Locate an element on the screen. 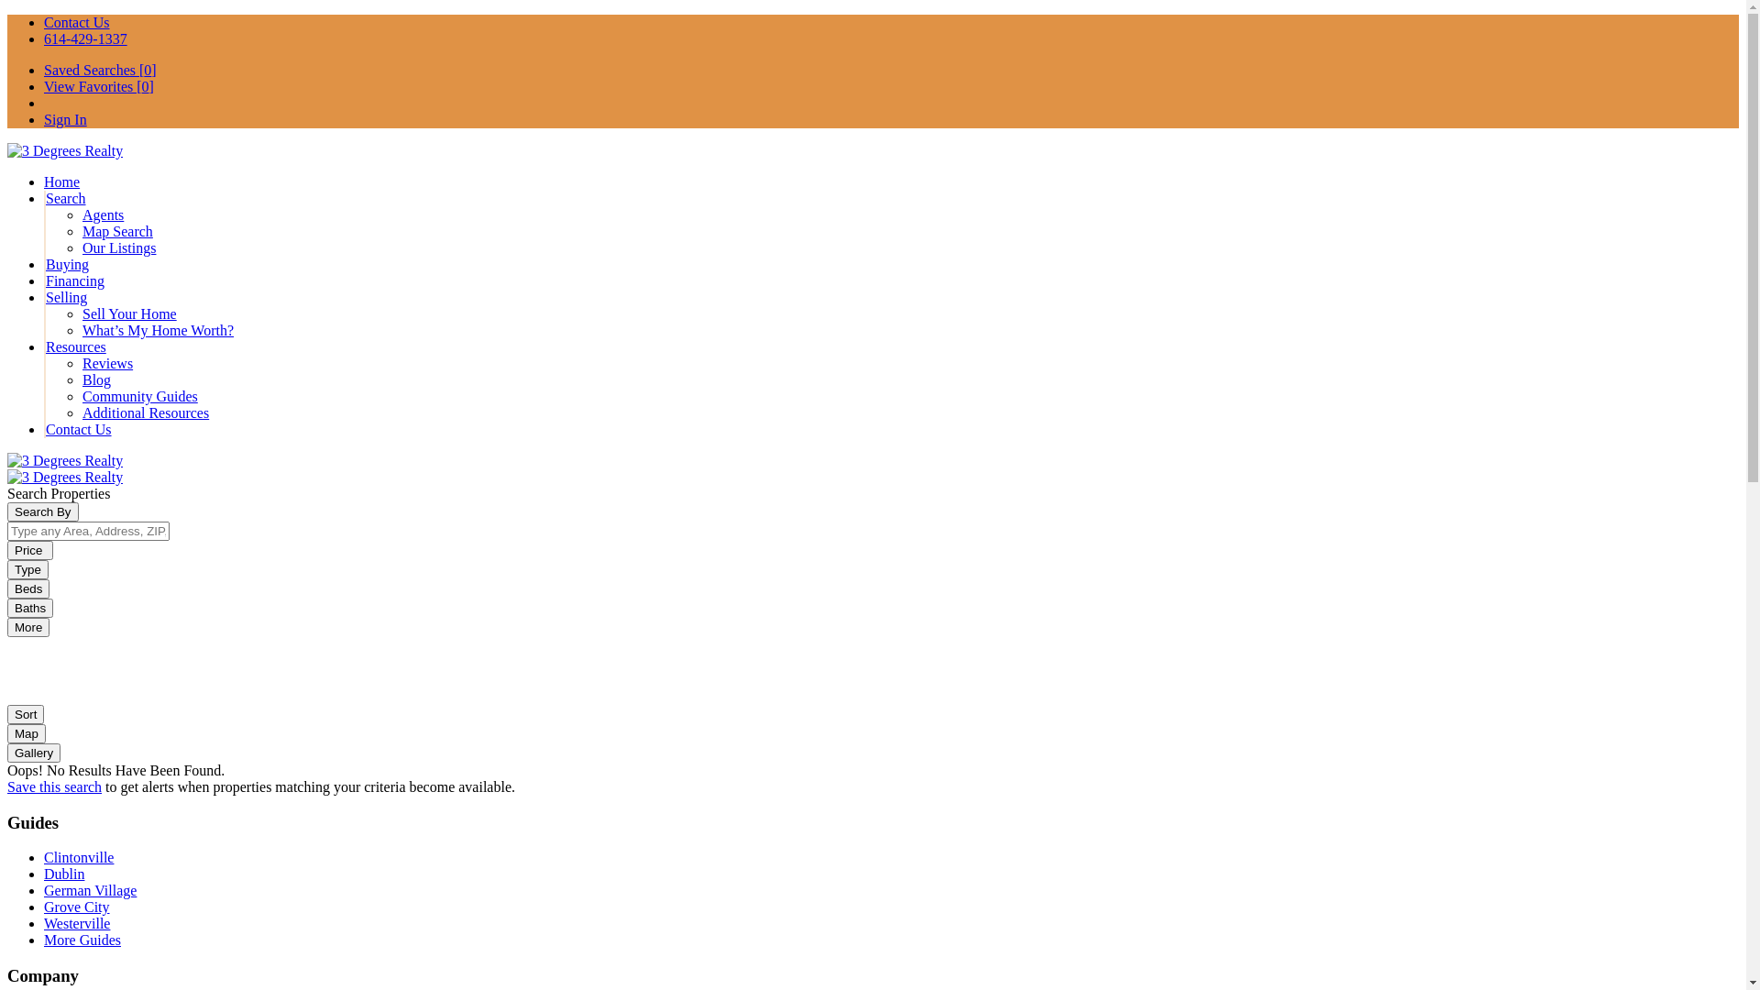 The image size is (1760, 990). 'Beds' is located at coordinates (27, 588).